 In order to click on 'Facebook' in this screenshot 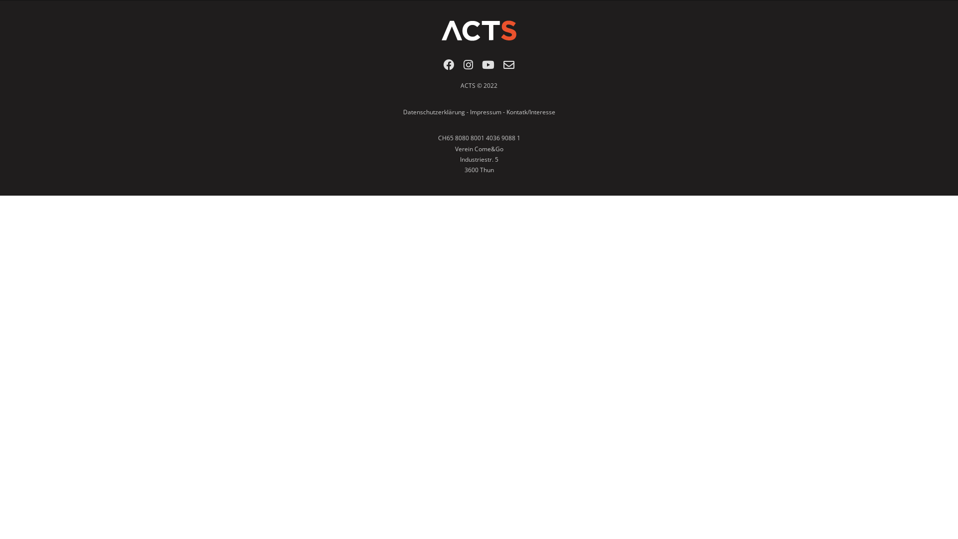, I will do `click(443, 67)`.